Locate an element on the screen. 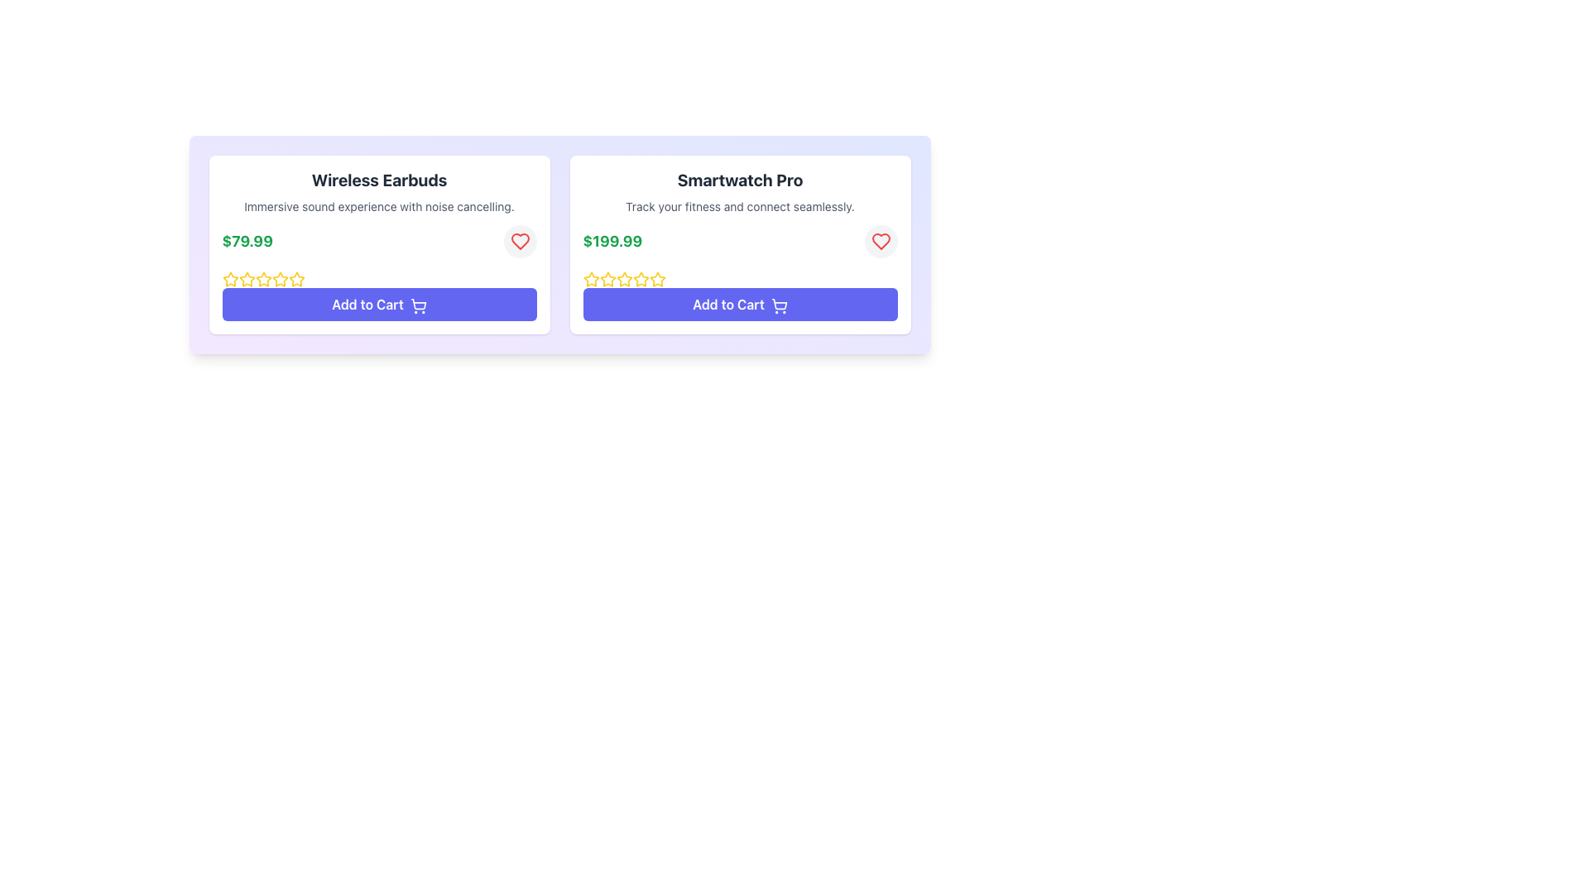 The image size is (1589, 894). the 'Add to Cart' button containing the shopping cart icon for the 'Smartwatch Pro' product is located at coordinates (778, 304).